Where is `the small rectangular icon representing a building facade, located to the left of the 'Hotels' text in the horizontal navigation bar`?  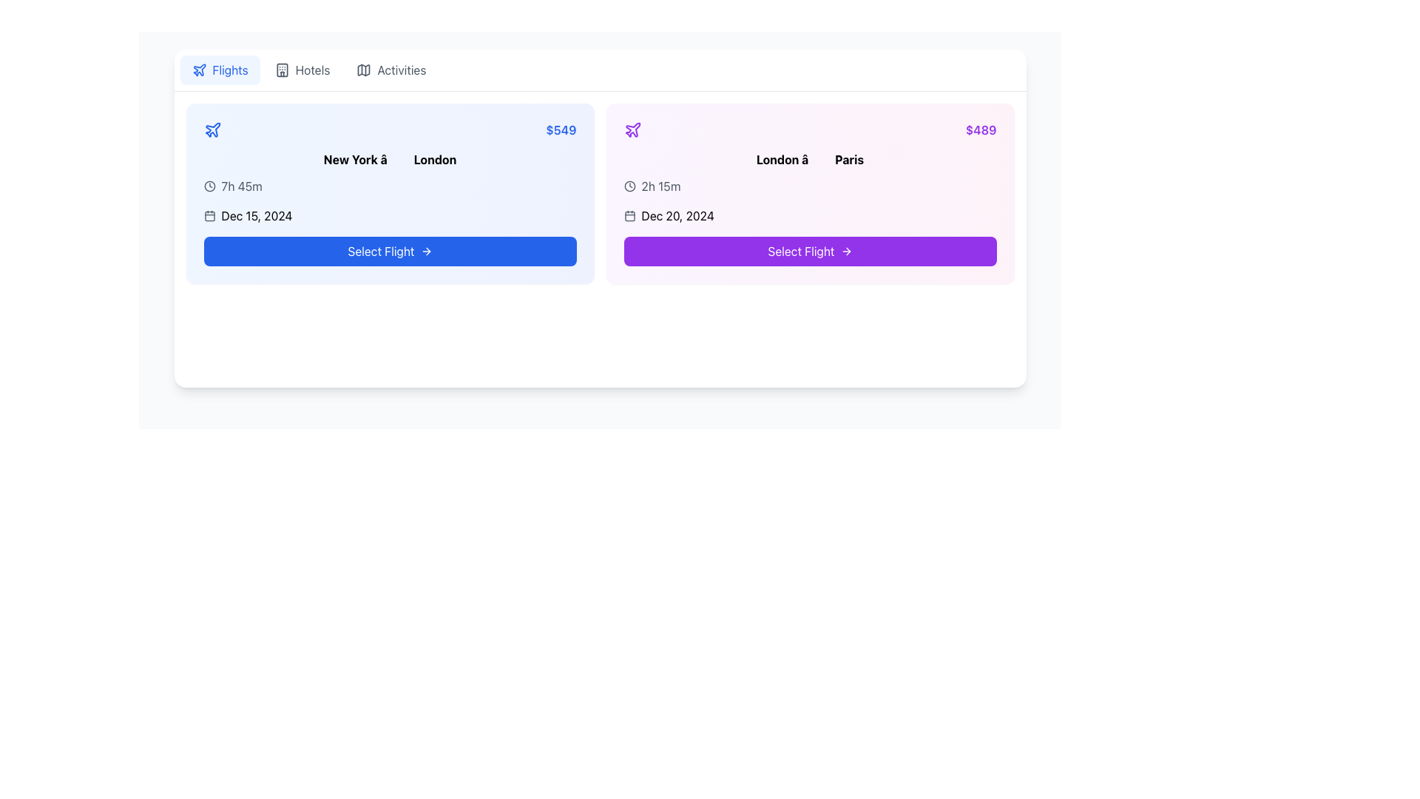 the small rectangular icon representing a building facade, located to the left of the 'Hotels' text in the horizontal navigation bar is located at coordinates (282, 70).